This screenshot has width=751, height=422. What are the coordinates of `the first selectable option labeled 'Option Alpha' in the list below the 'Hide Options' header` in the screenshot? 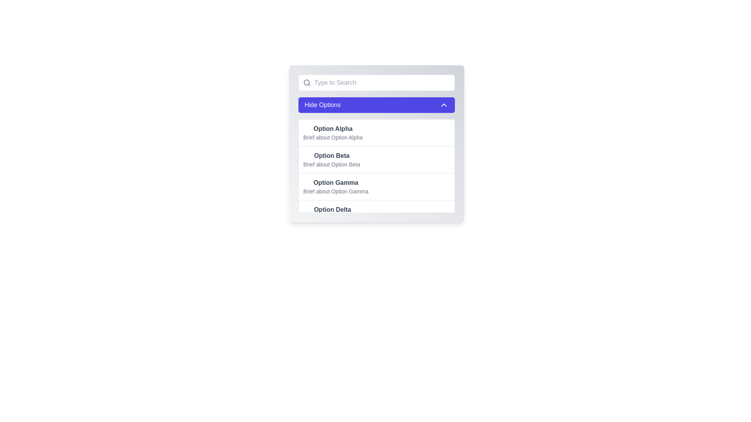 It's located at (333, 132).